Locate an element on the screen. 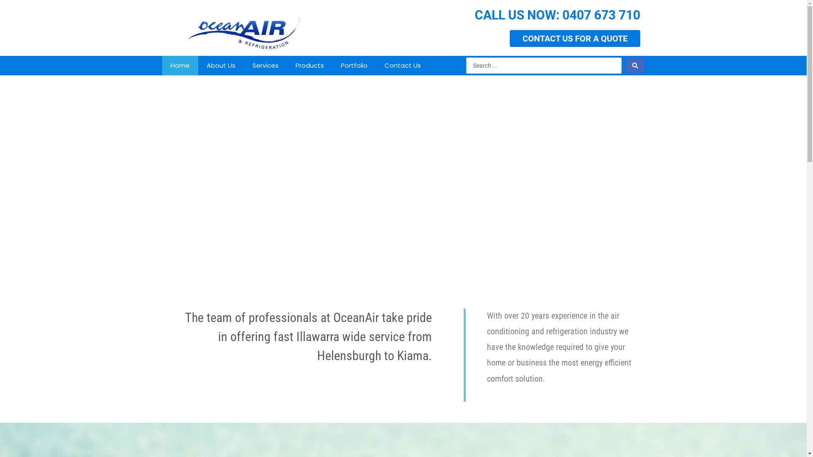 Image resolution: width=813 pixels, height=457 pixels. 'CALL US NOW: 0407 673 710' is located at coordinates (557, 15).